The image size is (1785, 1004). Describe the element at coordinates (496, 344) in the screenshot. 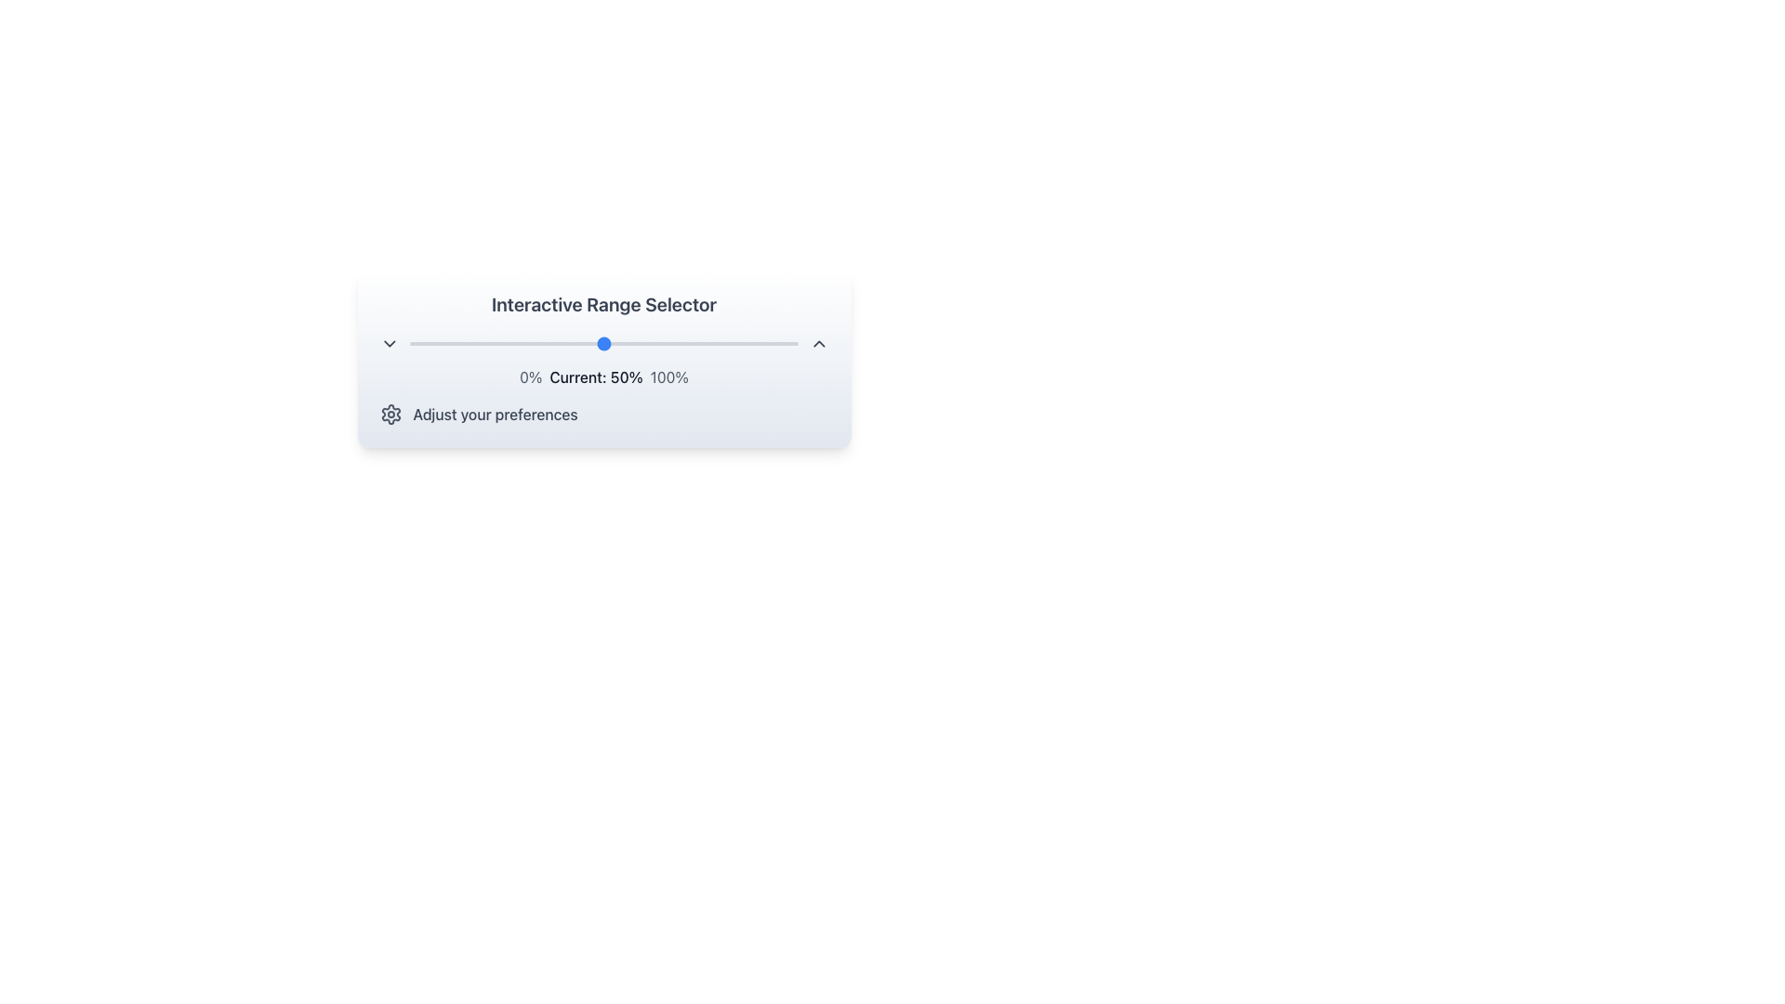

I see `the slider value` at that location.